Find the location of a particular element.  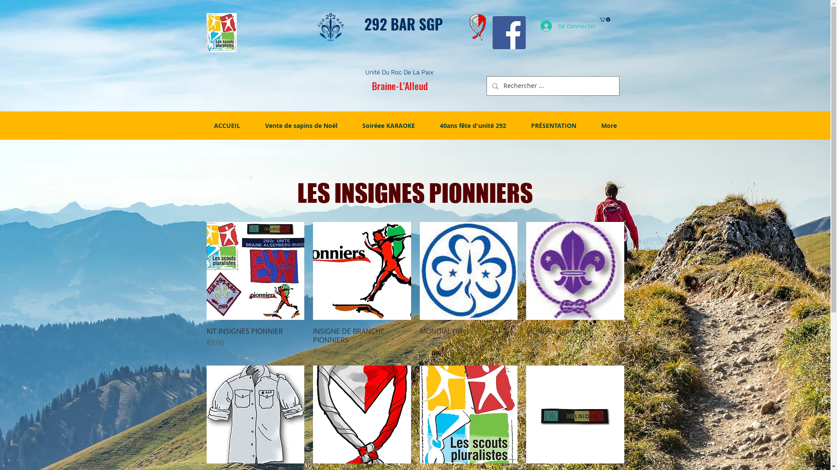

'Se connecter' is located at coordinates (561, 26).